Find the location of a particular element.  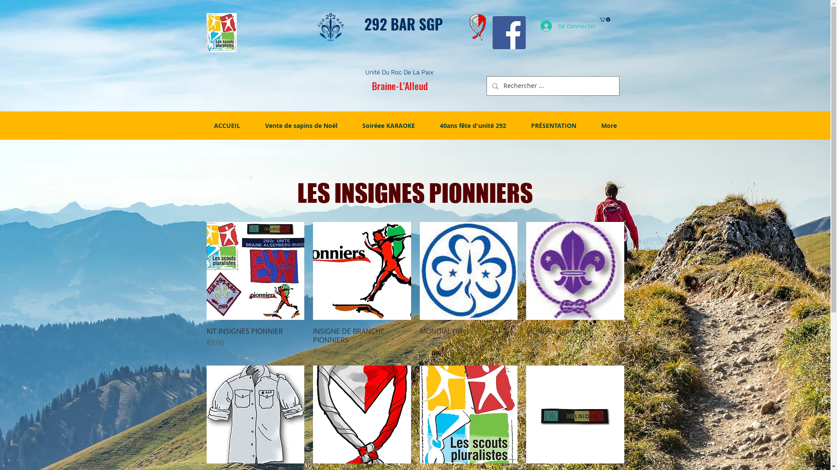

'Se connecter' is located at coordinates (561, 26).